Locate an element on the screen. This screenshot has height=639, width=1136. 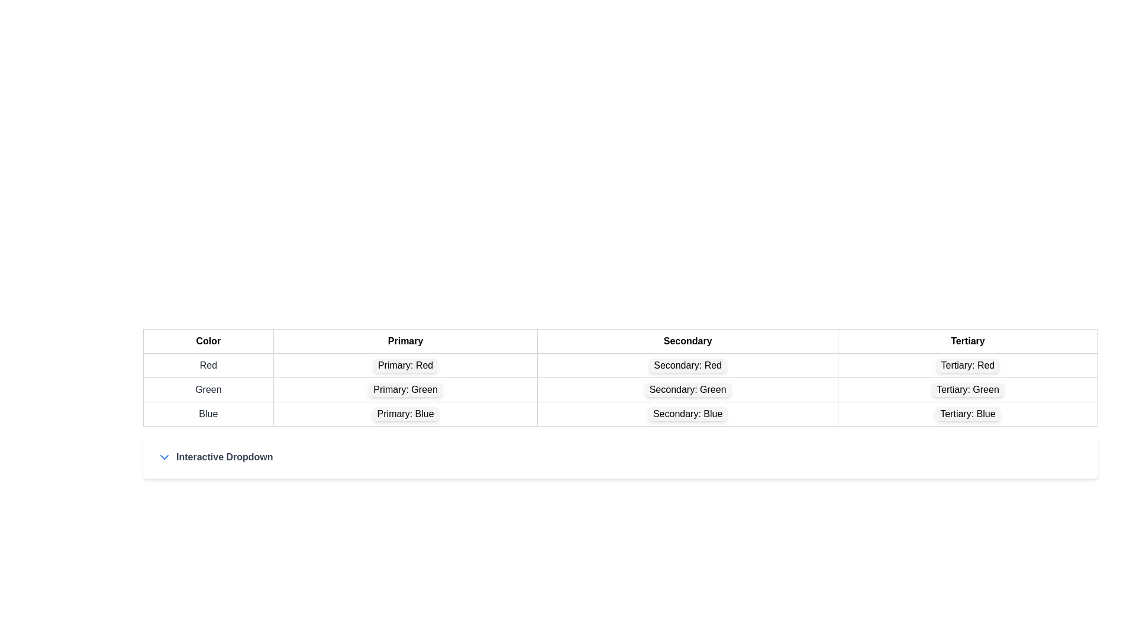
the static text label styled like a button that displays the secondary color association for the 'Blue' category, located in the third row under the 'Secondary' column is located at coordinates (688, 413).